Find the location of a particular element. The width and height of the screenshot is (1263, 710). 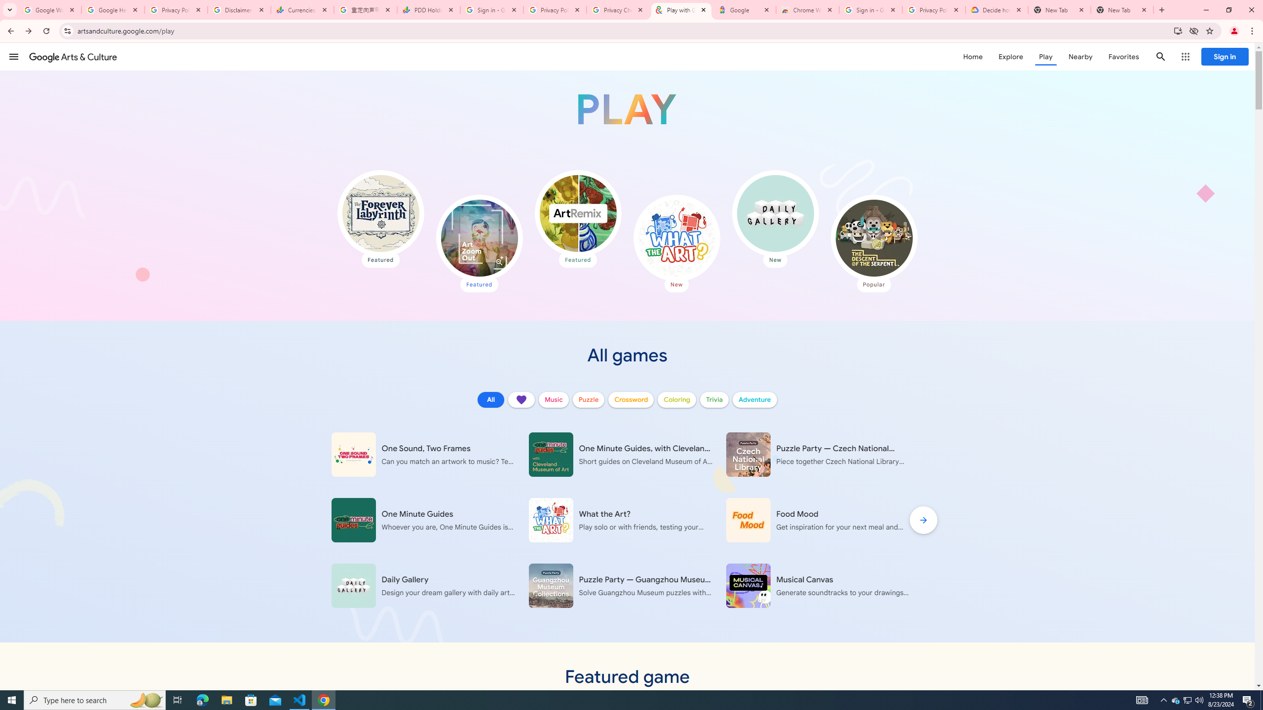

'Sign in - Google Accounts' is located at coordinates (871, 9).